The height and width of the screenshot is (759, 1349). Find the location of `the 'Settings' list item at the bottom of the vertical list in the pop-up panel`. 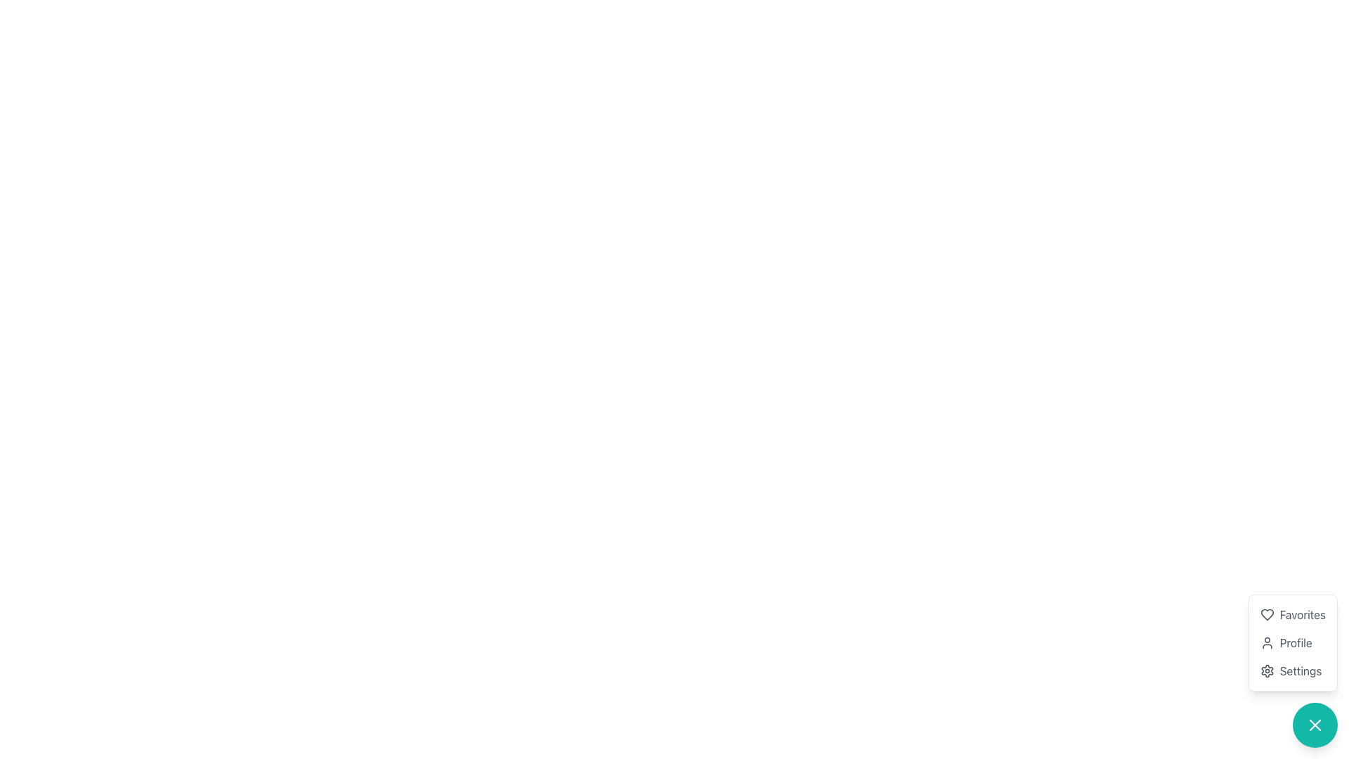

the 'Settings' list item at the bottom of the vertical list in the pop-up panel is located at coordinates (1293, 670).